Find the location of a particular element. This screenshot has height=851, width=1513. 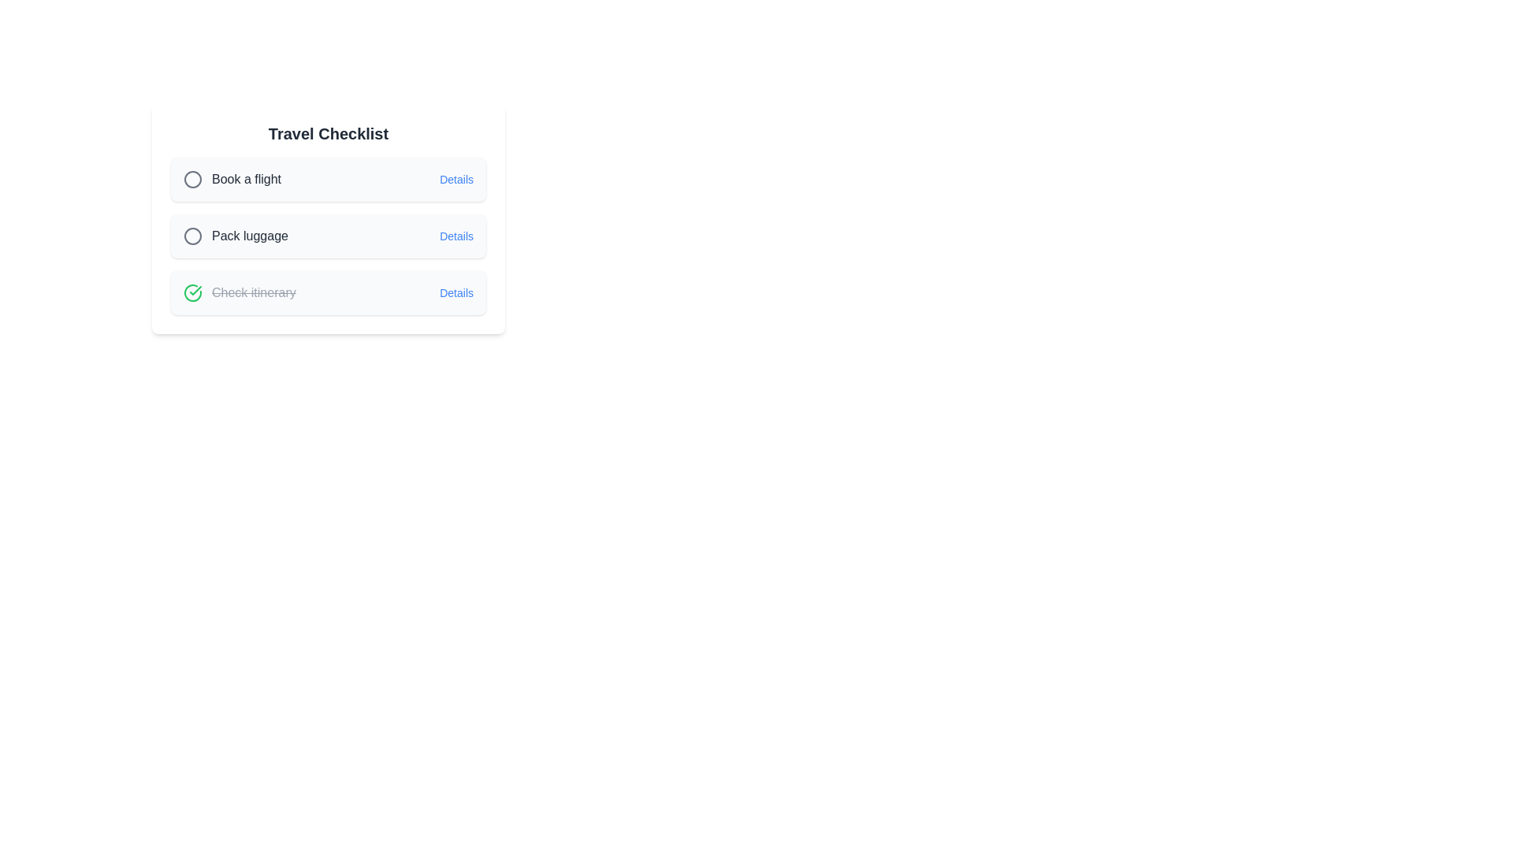

the clickable text or label providing additional information related to the checklist item 'Pack luggage', located on the right side of the second row in a vertical list of checklist items is located at coordinates (455, 236).